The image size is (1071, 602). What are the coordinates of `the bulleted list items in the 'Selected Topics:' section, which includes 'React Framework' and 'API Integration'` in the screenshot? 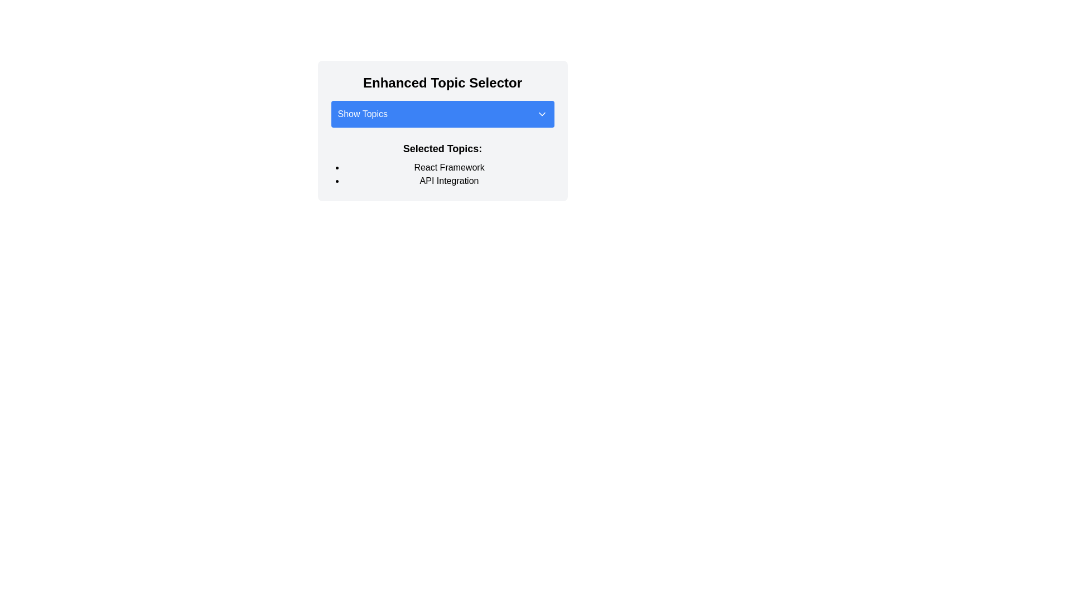 It's located at (442, 174).